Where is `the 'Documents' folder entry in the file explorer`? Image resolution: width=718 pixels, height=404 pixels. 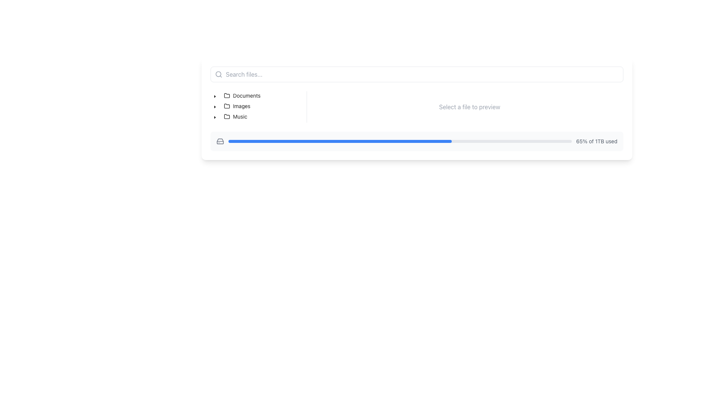
the 'Documents' folder entry in the file explorer is located at coordinates (242, 95).